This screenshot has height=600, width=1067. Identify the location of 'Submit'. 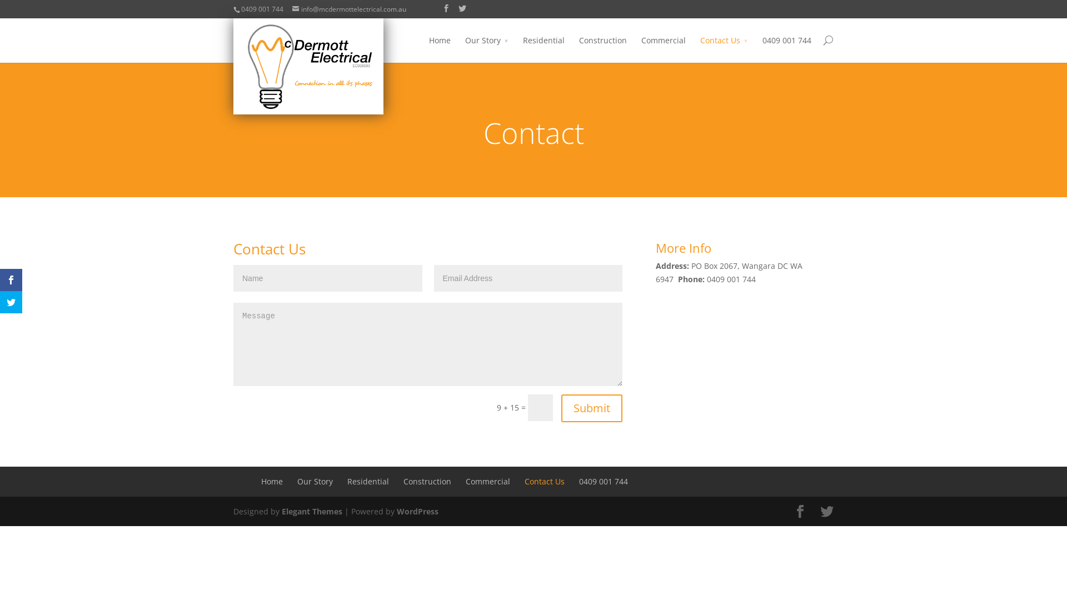
(591, 408).